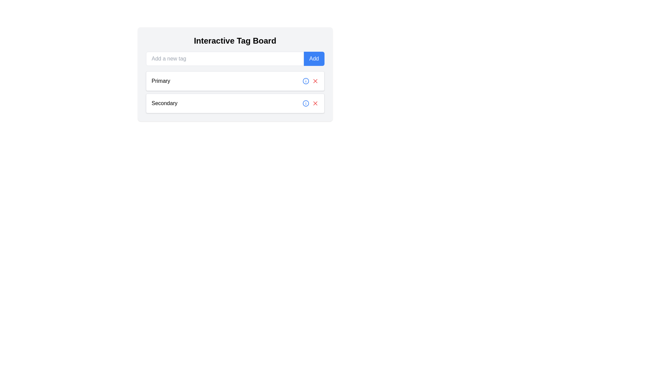 This screenshot has width=649, height=365. I want to click on the composite UI element consisting of a blue circular icon with an 'i' symbol and a red 'X' symbol, so click(310, 103).